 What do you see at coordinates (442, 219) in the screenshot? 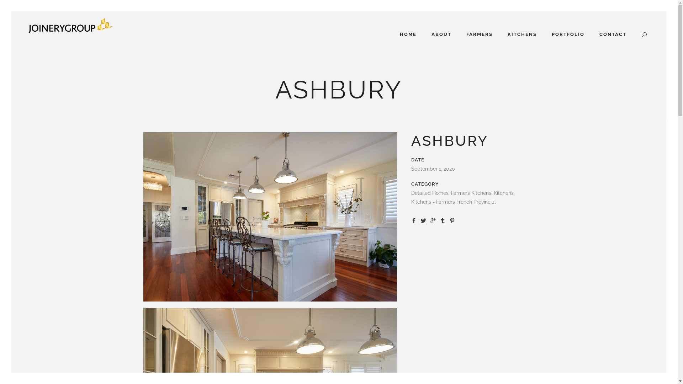
I see `'Share on Tumblr'` at bounding box center [442, 219].